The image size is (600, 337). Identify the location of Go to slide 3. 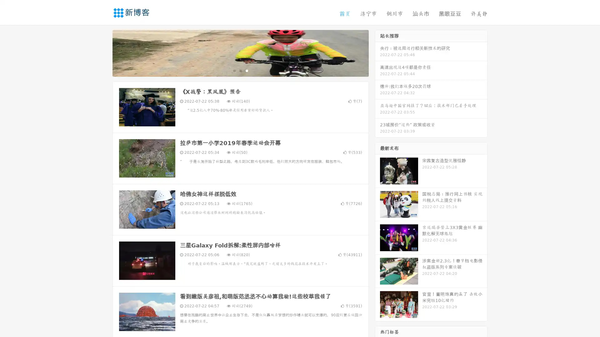
(247, 70).